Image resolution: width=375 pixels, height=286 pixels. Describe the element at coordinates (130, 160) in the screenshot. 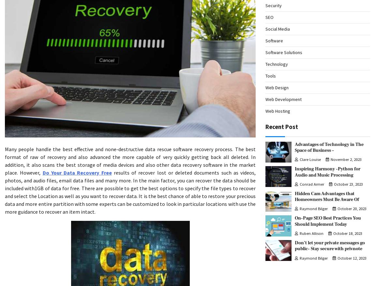

I see `'Many people handle the best effective and none-destructive data rescue software recovery process. The best format of raw of recovery and also advanced the more capable of very quickly getting back all deleted. In addition, it also scans the best storage of media devices and also other data recovery software in the market place. However,'` at that location.